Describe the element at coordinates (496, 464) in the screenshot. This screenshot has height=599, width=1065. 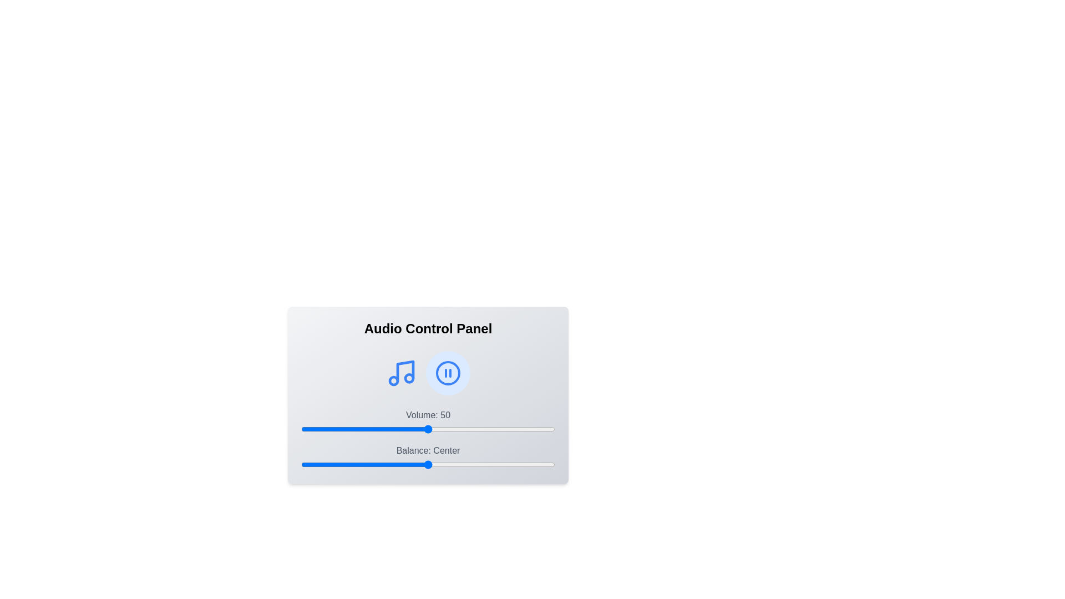
I see `the balance` at that location.